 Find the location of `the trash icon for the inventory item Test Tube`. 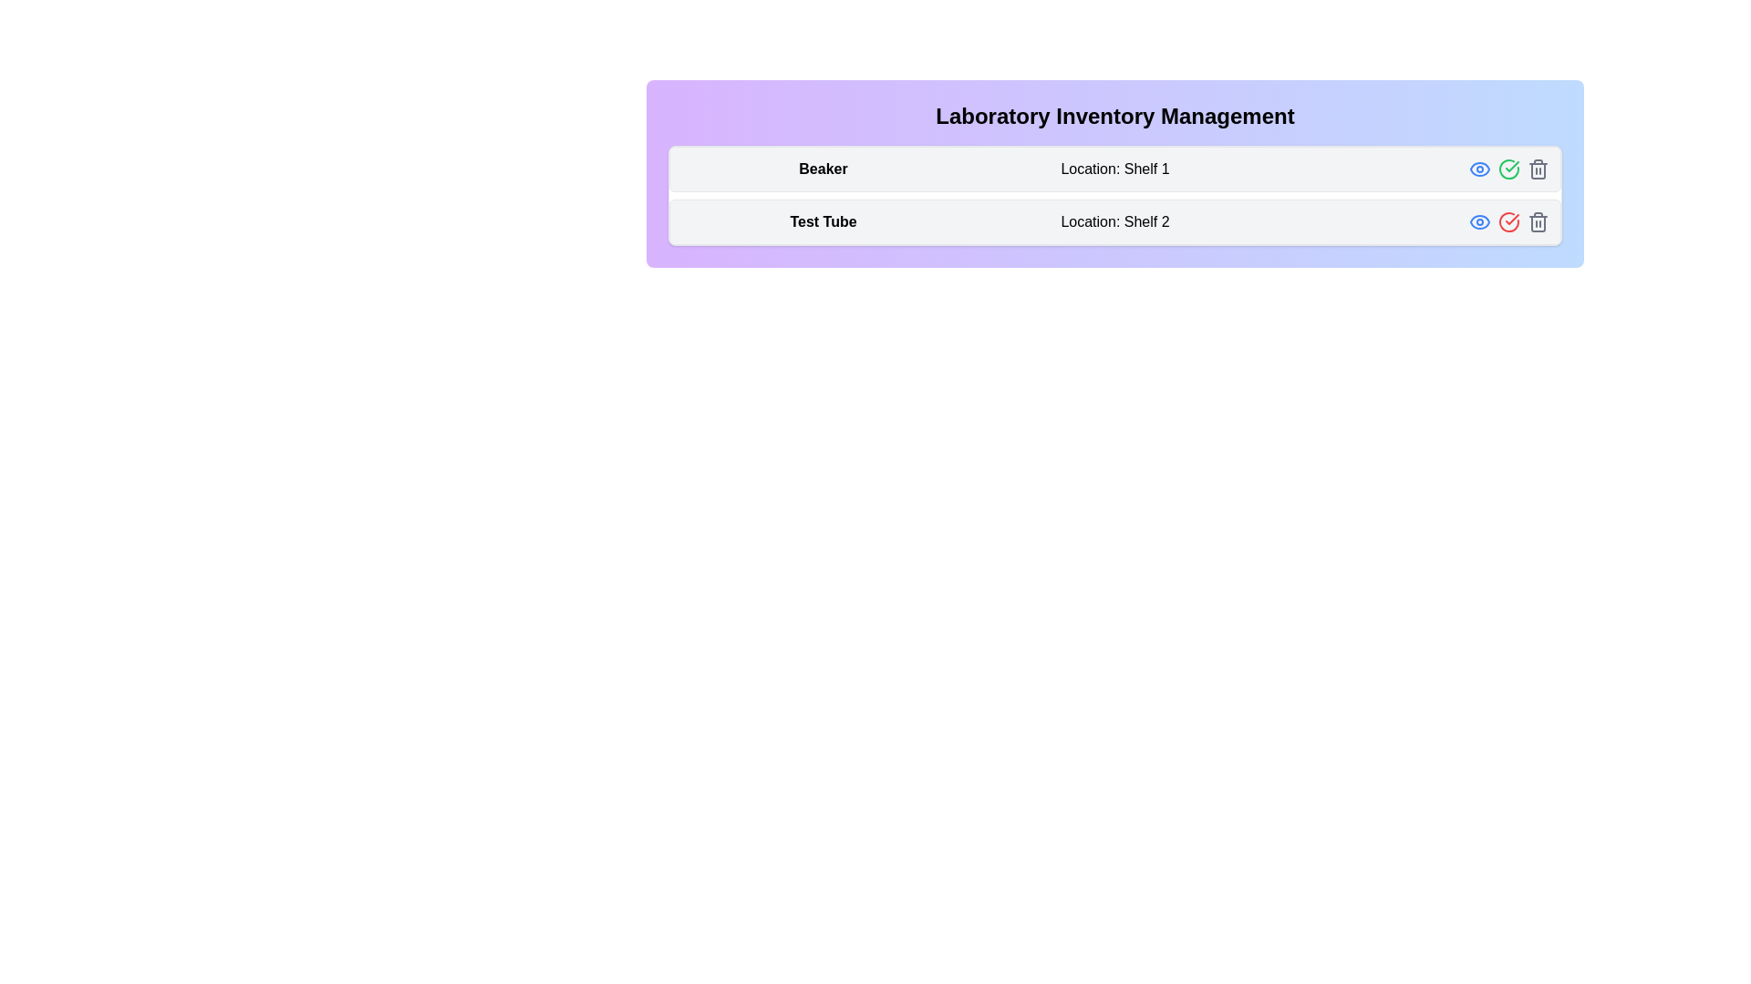

the trash icon for the inventory item Test Tube is located at coordinates (1537, 220).